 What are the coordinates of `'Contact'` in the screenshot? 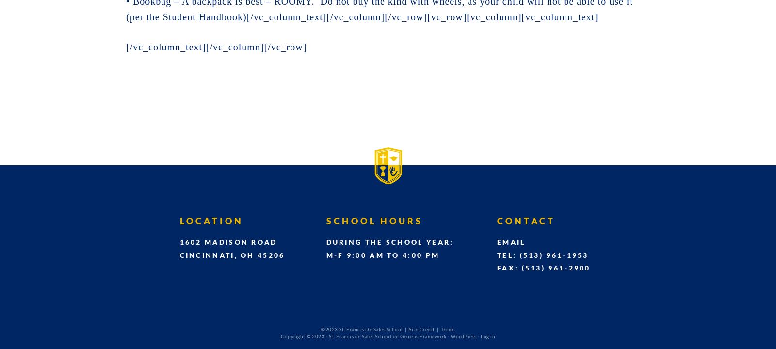 It's located at (526, 220).